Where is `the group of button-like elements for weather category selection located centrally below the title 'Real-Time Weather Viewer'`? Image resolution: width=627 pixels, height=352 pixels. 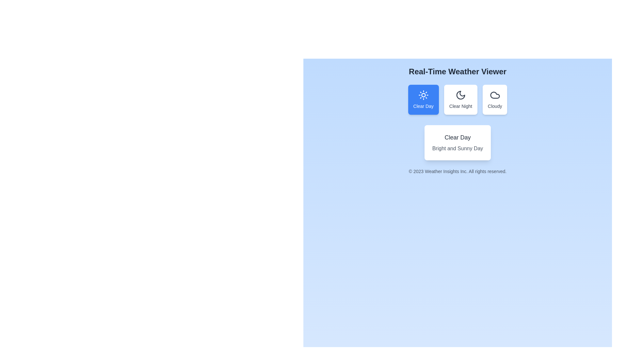
the group of button-like elements for weather category selection located centrally below the title 'Real-Time Weather Viewer' is located at coordinates (457, 99).